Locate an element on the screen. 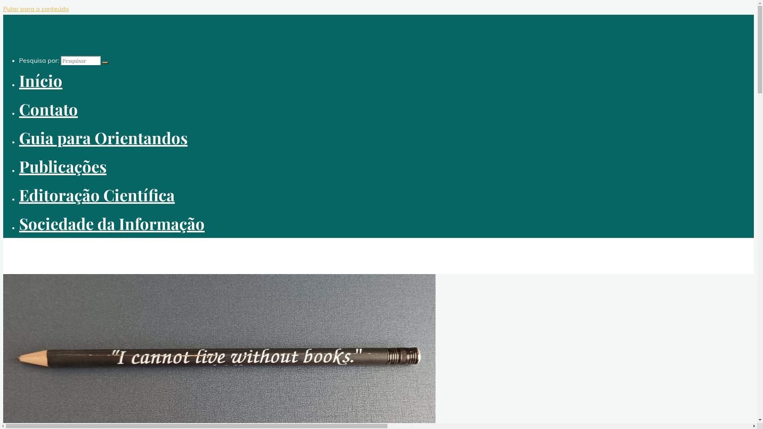 This screenshot has width=763, height=429. 'Contato' is located at coordinates (48, 109).